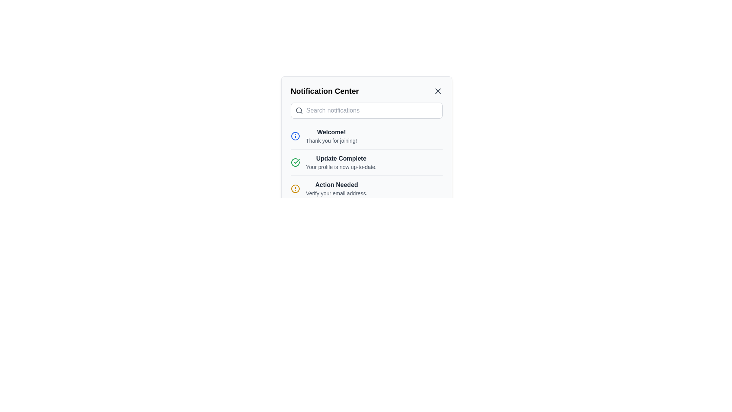 The image size is (732, 412). What do you see at coordinates (298, 110) in the screenshot?
I see `the circular vector graphic within the magnifying glass icon, which represents the search functionality in the Notification Center modal` at bounding box center [298, 110].